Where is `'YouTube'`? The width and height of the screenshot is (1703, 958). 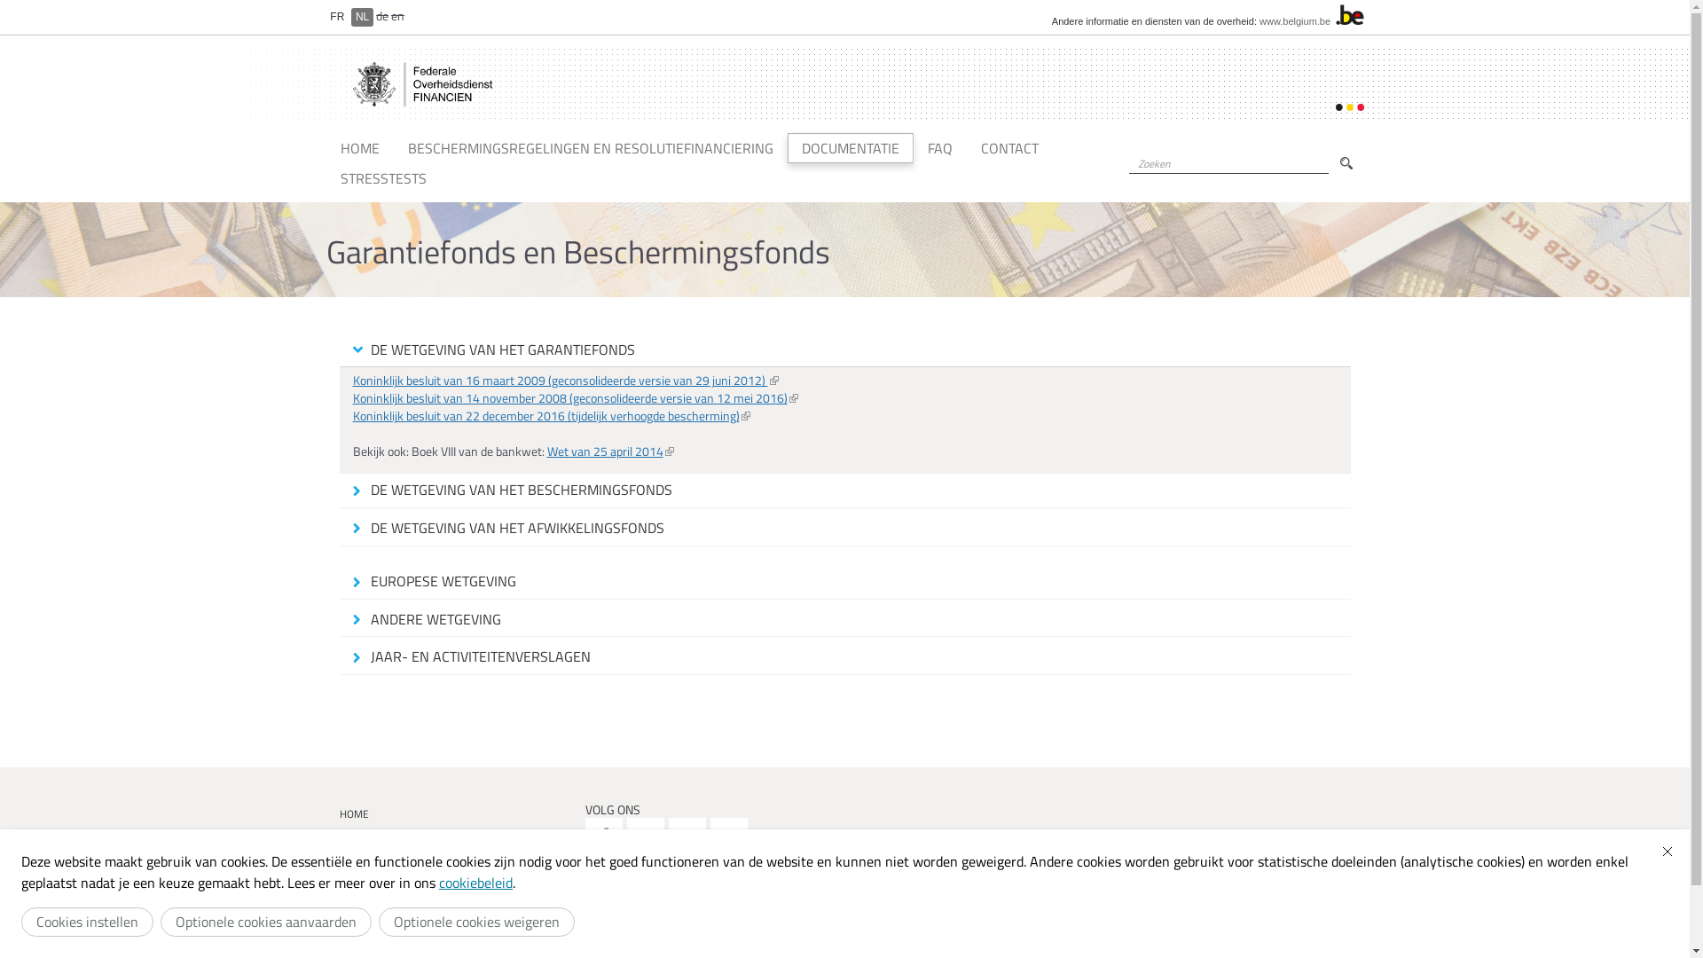 'YouTube' is located at coordinates (686, 836).